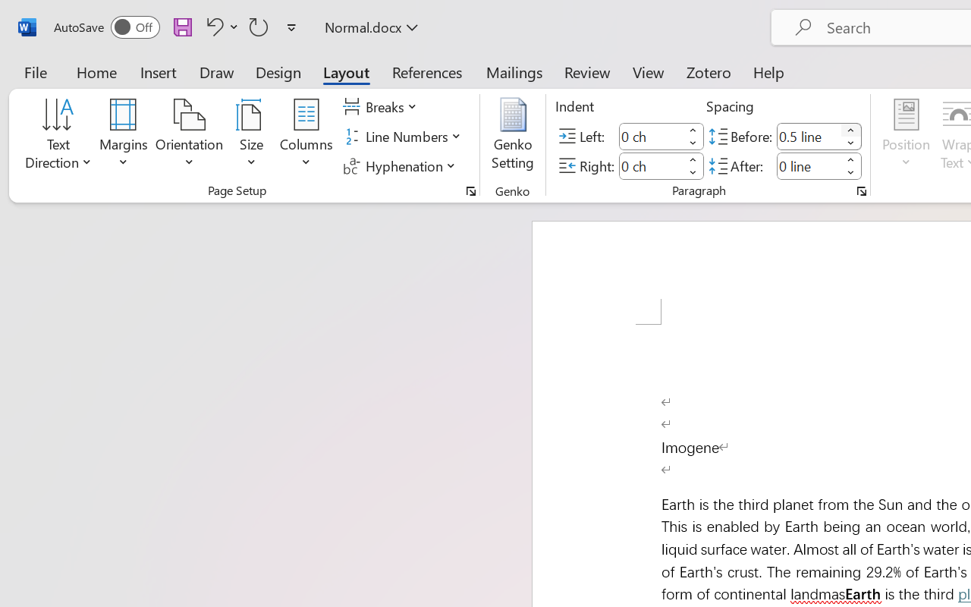 The height and width of the screenshot is (607, 971). Describe the element at coordinates (513, 136) in the screenshot. I see `'Genko Setting...'` at that location.